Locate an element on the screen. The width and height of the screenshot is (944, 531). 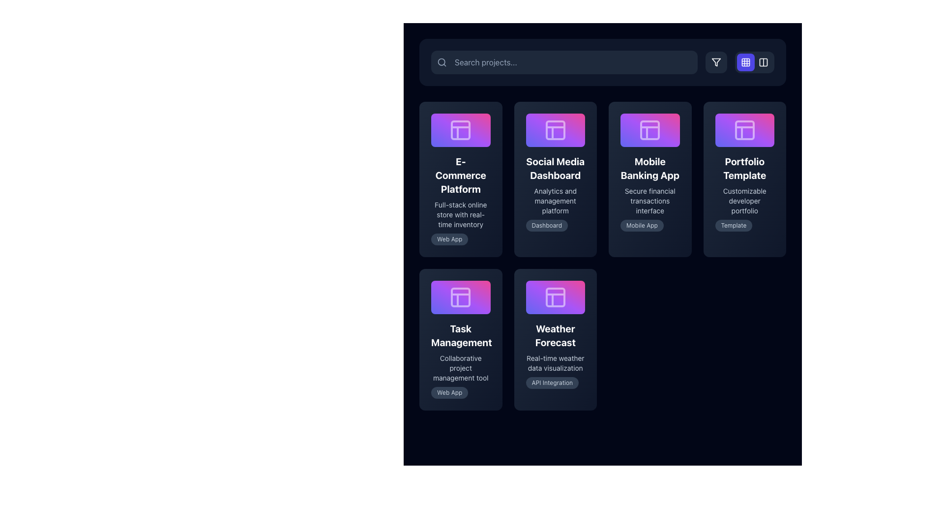
the 'Mobile Banking App' card, which has a gradient background and is the third card in the first row, for rearrangement is located at coordinates (650, 179).